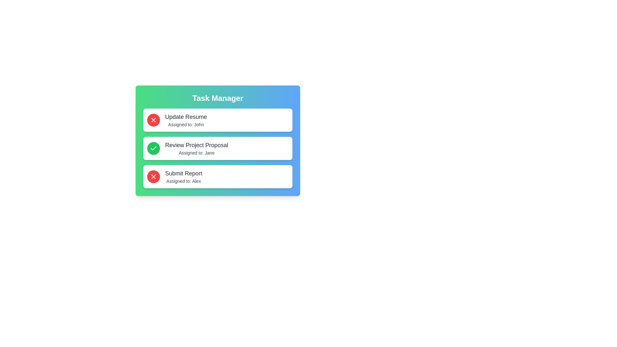  Describe the element at coordinates (218, 177) in the screenshot. I see `the task item Submit Report to reveal additional context` at that location.